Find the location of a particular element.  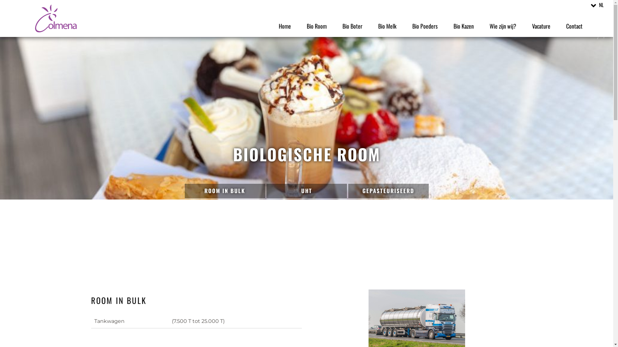

'Contact' is located at coordinates (574, 26).